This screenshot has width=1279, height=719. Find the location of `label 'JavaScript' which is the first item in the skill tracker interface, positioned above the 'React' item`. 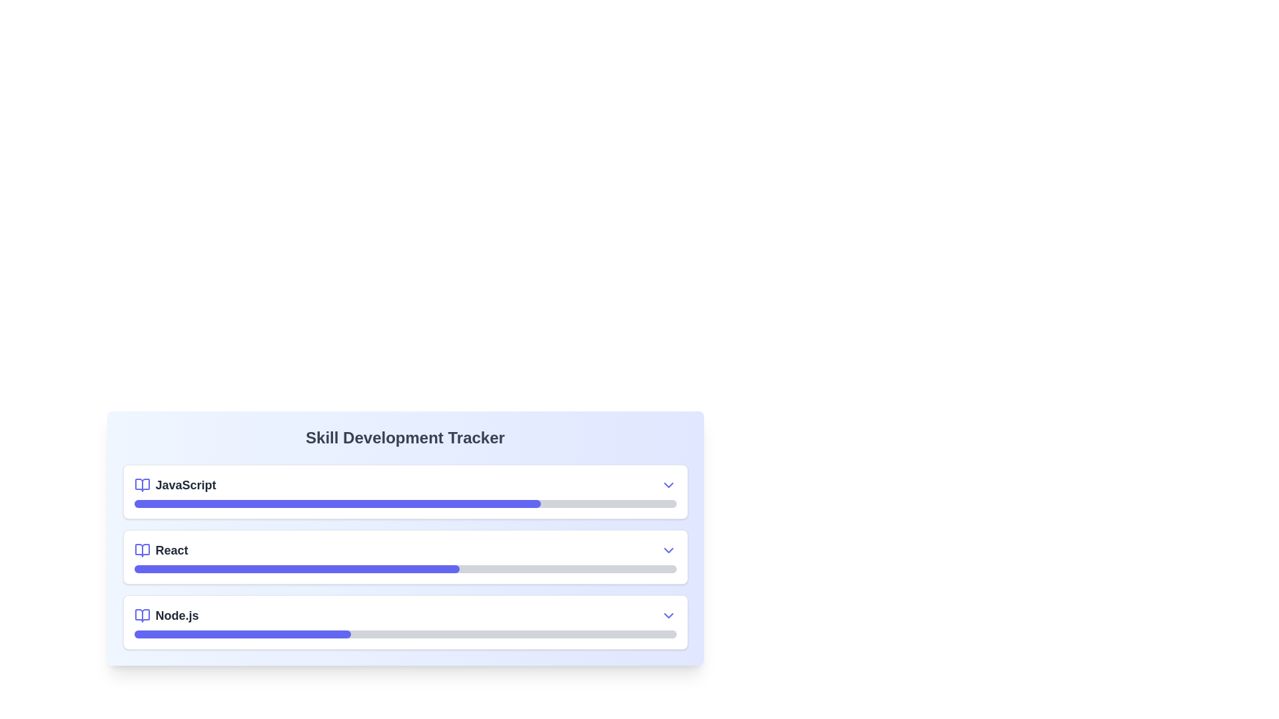

label 'JavaScript' which is the first item in the skill tracker interface, positioned above the 'React' item is located at coordinates (175, 485).